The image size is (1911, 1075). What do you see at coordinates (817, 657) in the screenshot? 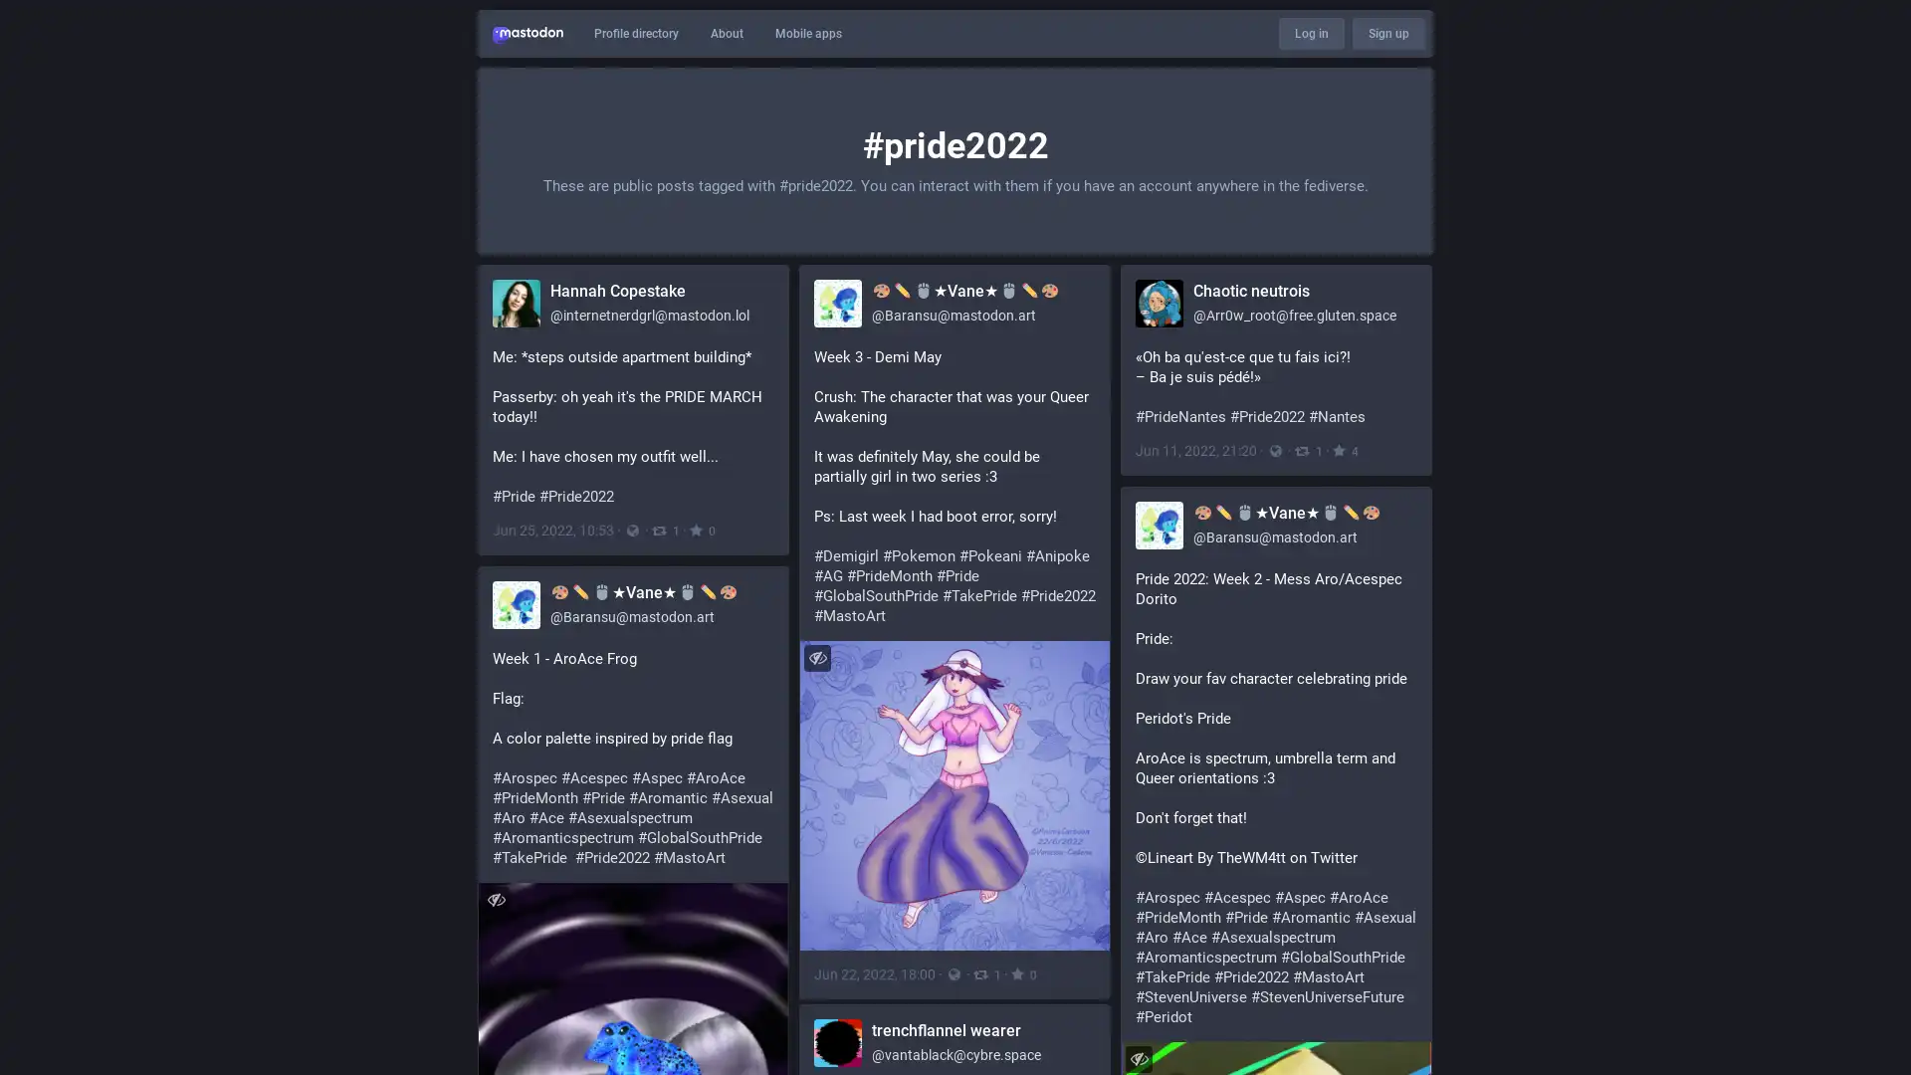
I see `Hide image` at bounding box center [817, 657].